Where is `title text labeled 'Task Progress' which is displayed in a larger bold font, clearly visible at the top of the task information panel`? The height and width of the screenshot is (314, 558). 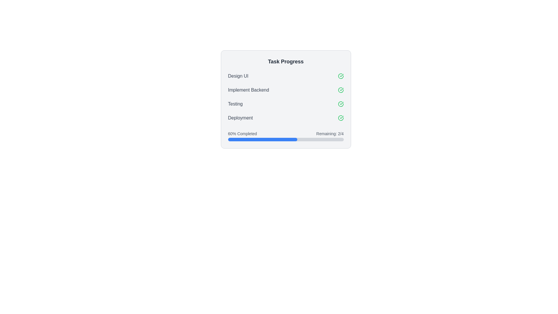 title text labeled 'Task Progress' which is displayed in a larger bold font, clearly visible at the top of the task information panel is located at coordinates (286, 62).